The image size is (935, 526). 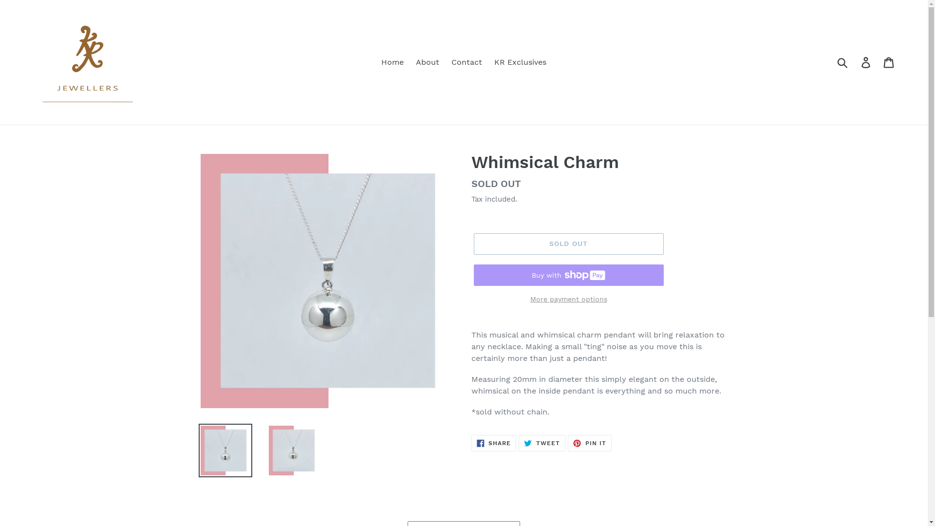 I want to click on 'Contact', so click(x=466, y=62).